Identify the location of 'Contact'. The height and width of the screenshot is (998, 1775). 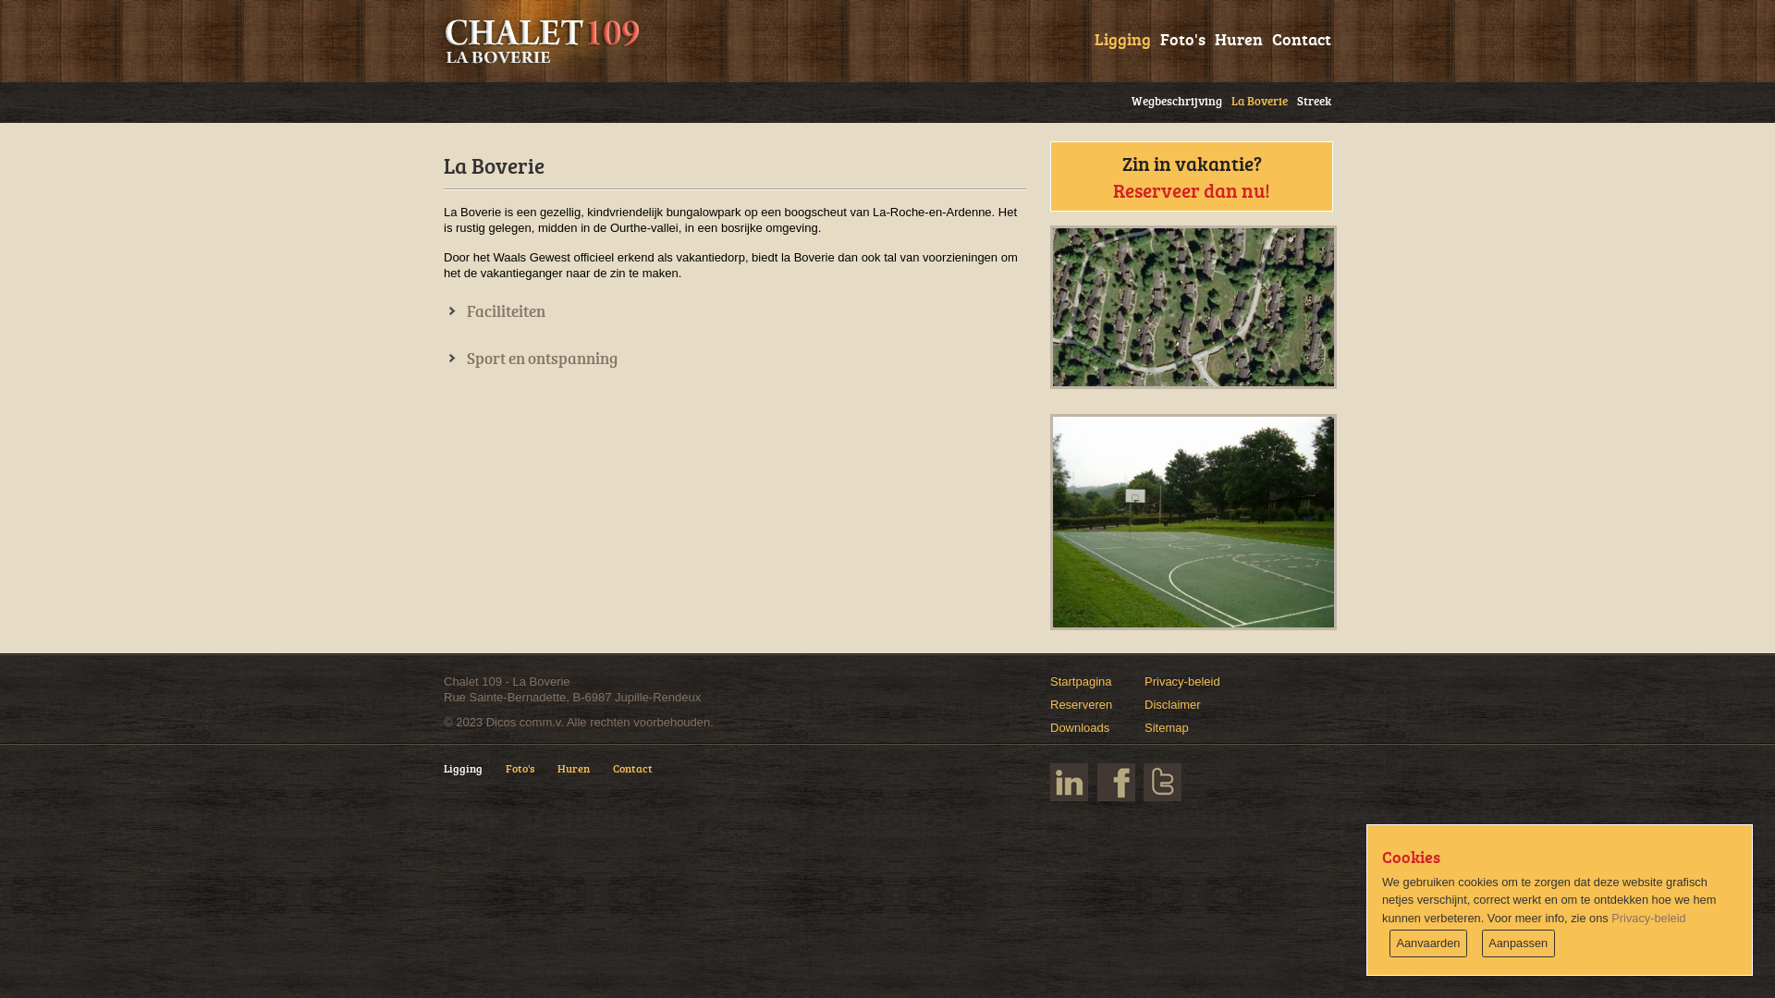
(643, 776).